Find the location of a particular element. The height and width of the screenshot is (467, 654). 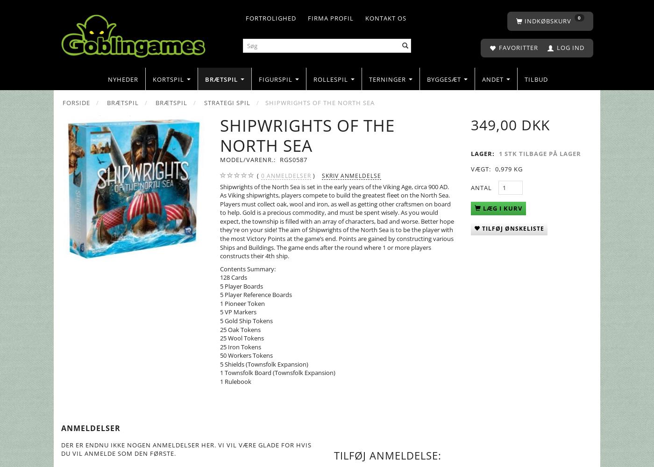

'25 Oak Tokens' is located at coordinates (240, 329).